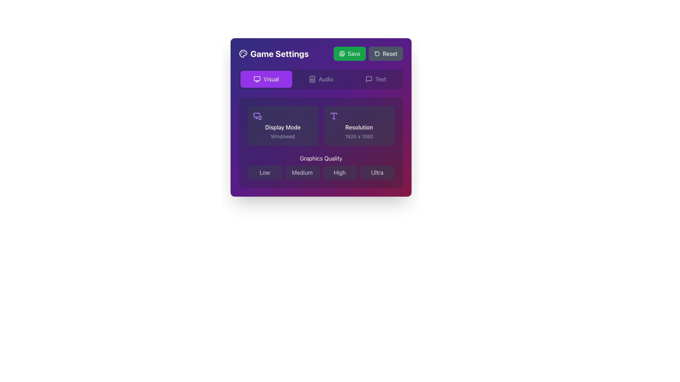 This screenshot has height=382, width=680. Describe the element at coordinates (342, 53) in the screenshot. I see `the save icon located at the beginning of the 'Save' button, which is visually represented by a green button` at that location.